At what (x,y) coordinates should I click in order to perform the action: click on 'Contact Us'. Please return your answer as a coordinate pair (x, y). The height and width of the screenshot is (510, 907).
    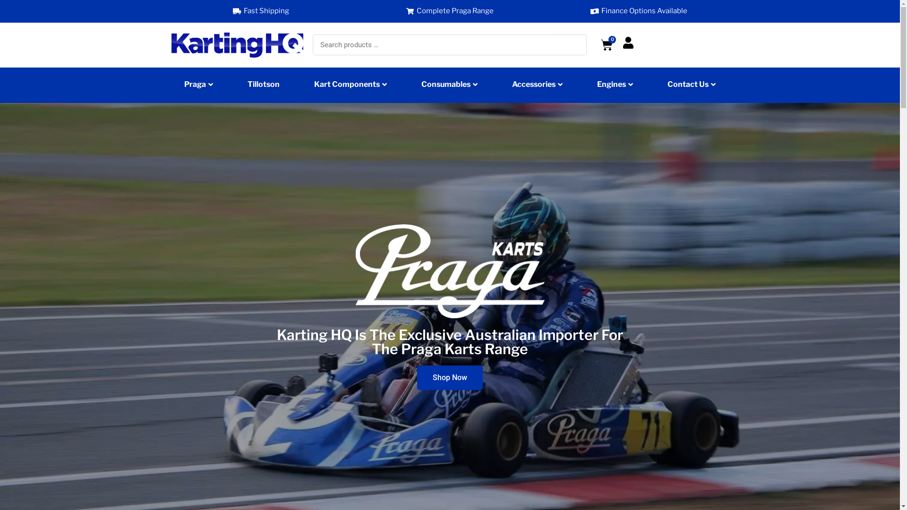
    Looking at the image, I should click on (692, 85).